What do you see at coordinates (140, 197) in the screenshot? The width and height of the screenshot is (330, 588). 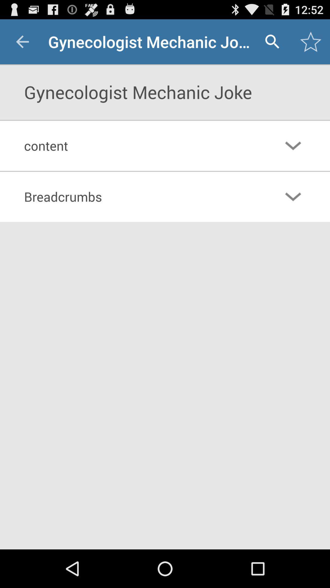 I see `the breadcrumbs at the center` at bounding box center [140, 197].